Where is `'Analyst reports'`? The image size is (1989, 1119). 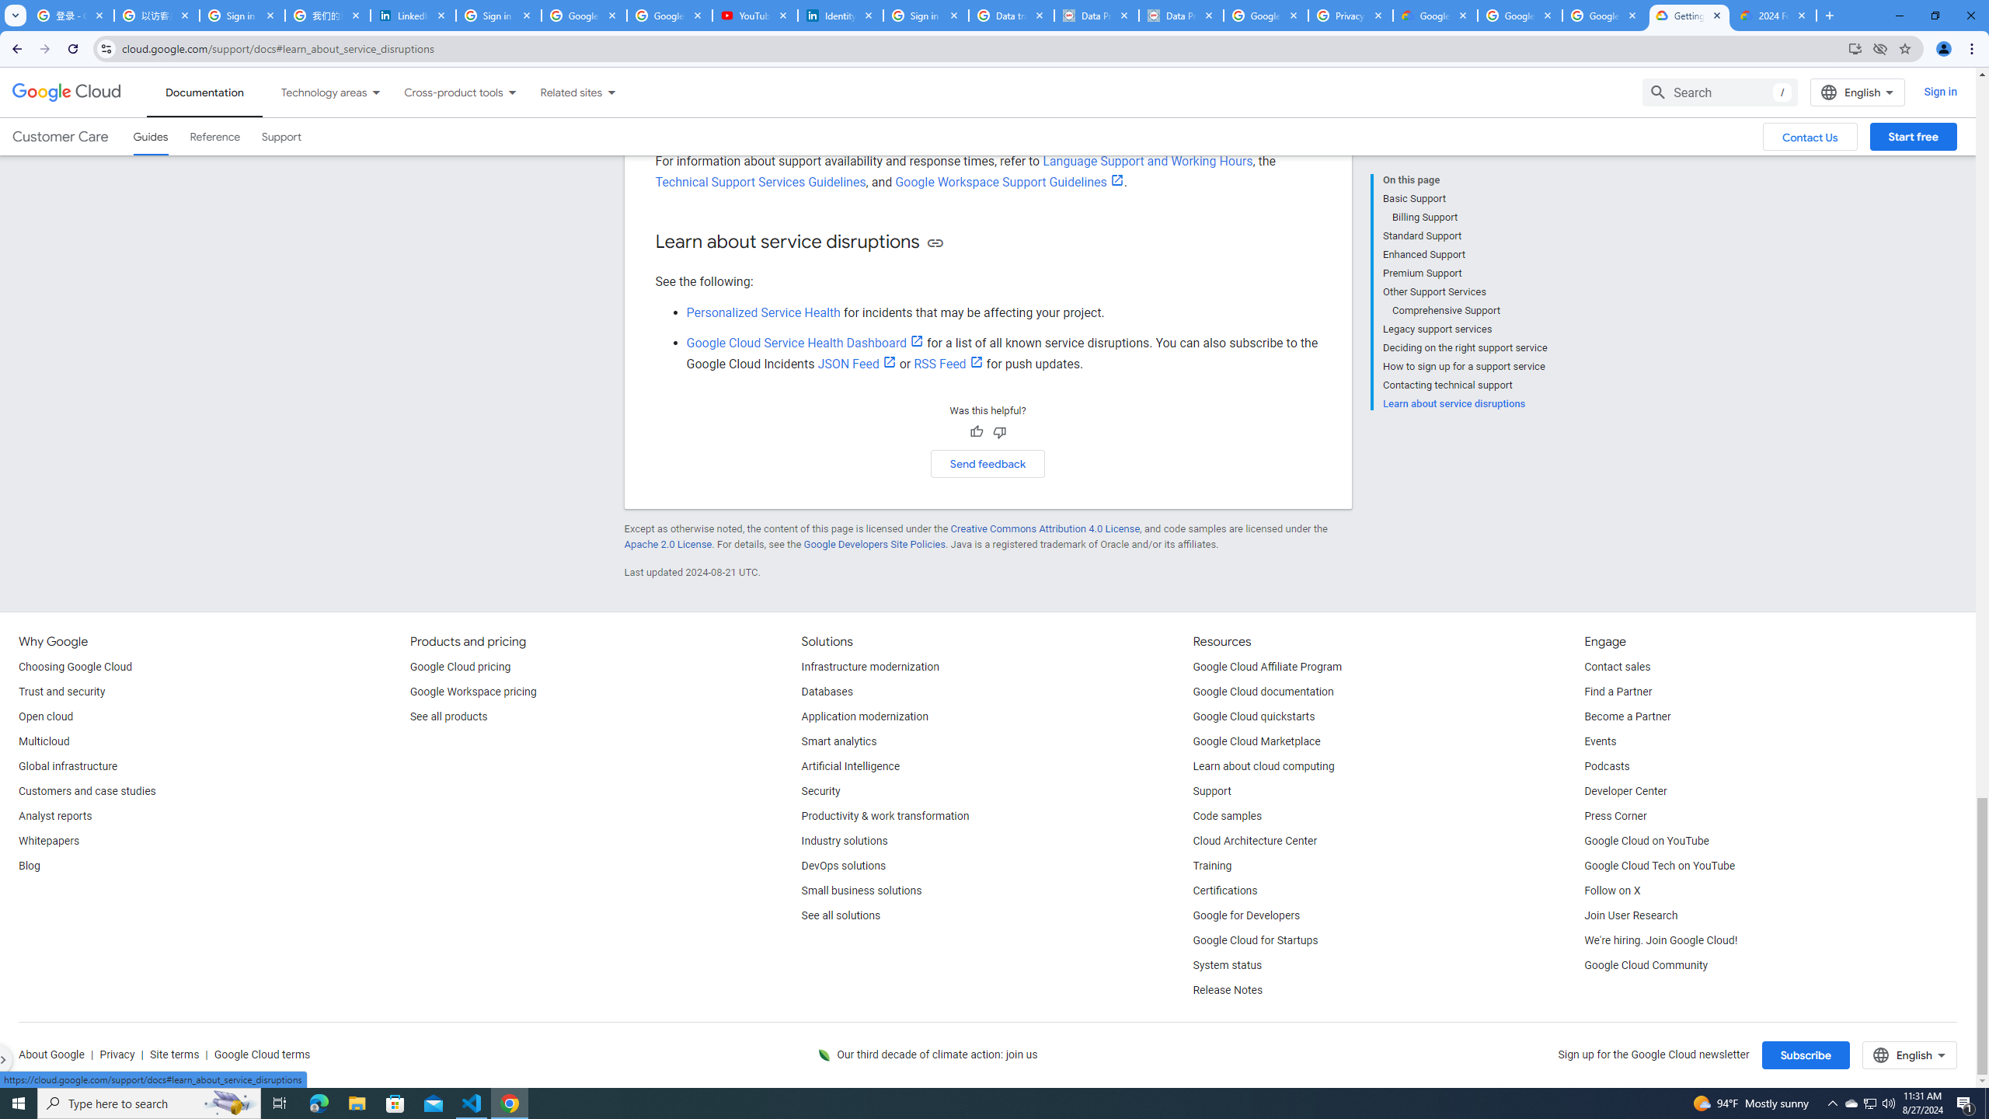 'Analyst reports' is located at coordinates (54, 816).